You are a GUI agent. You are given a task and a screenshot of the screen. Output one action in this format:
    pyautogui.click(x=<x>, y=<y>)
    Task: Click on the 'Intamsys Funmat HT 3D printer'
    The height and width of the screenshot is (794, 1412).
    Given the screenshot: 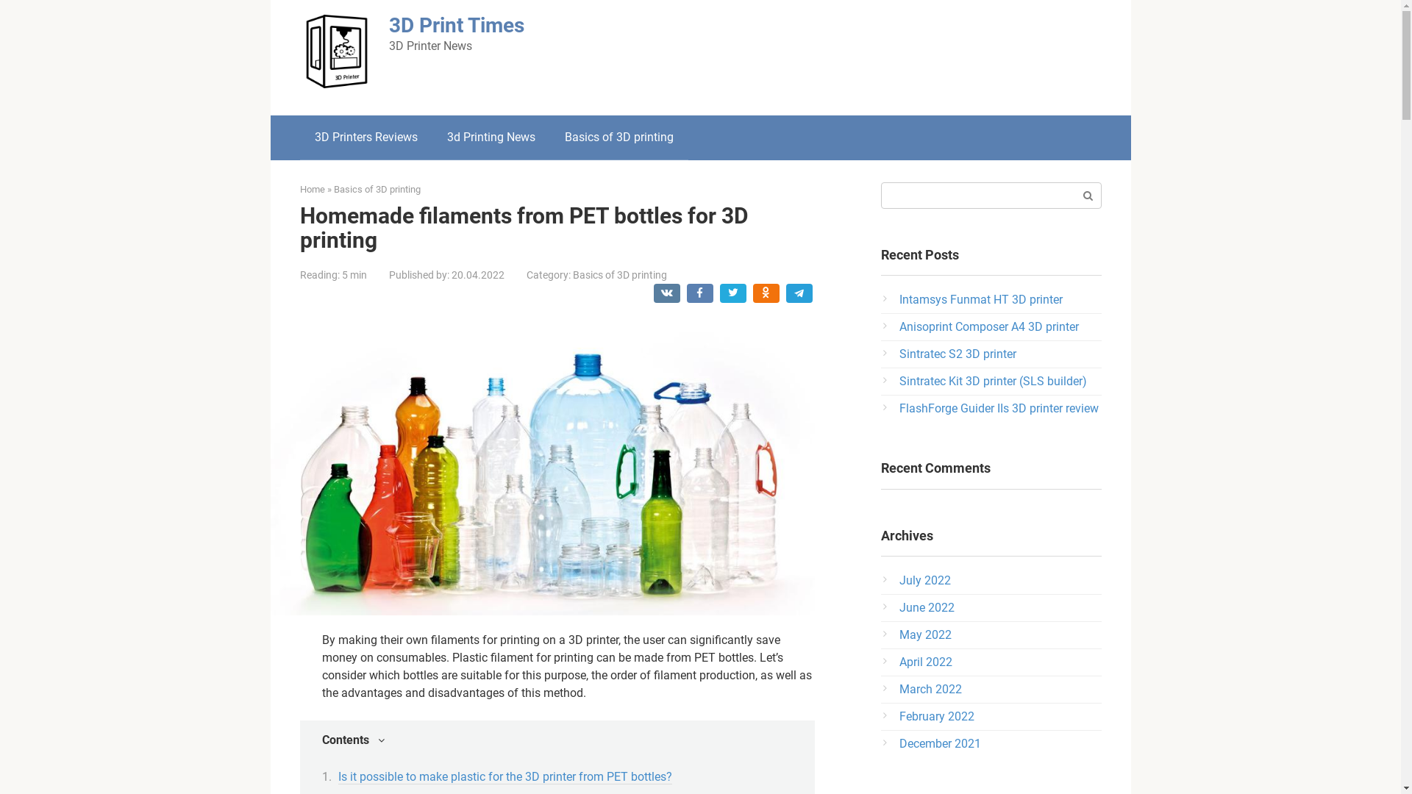 What is the action you would take?
    pyautogui.click(x=980, y=298)
    